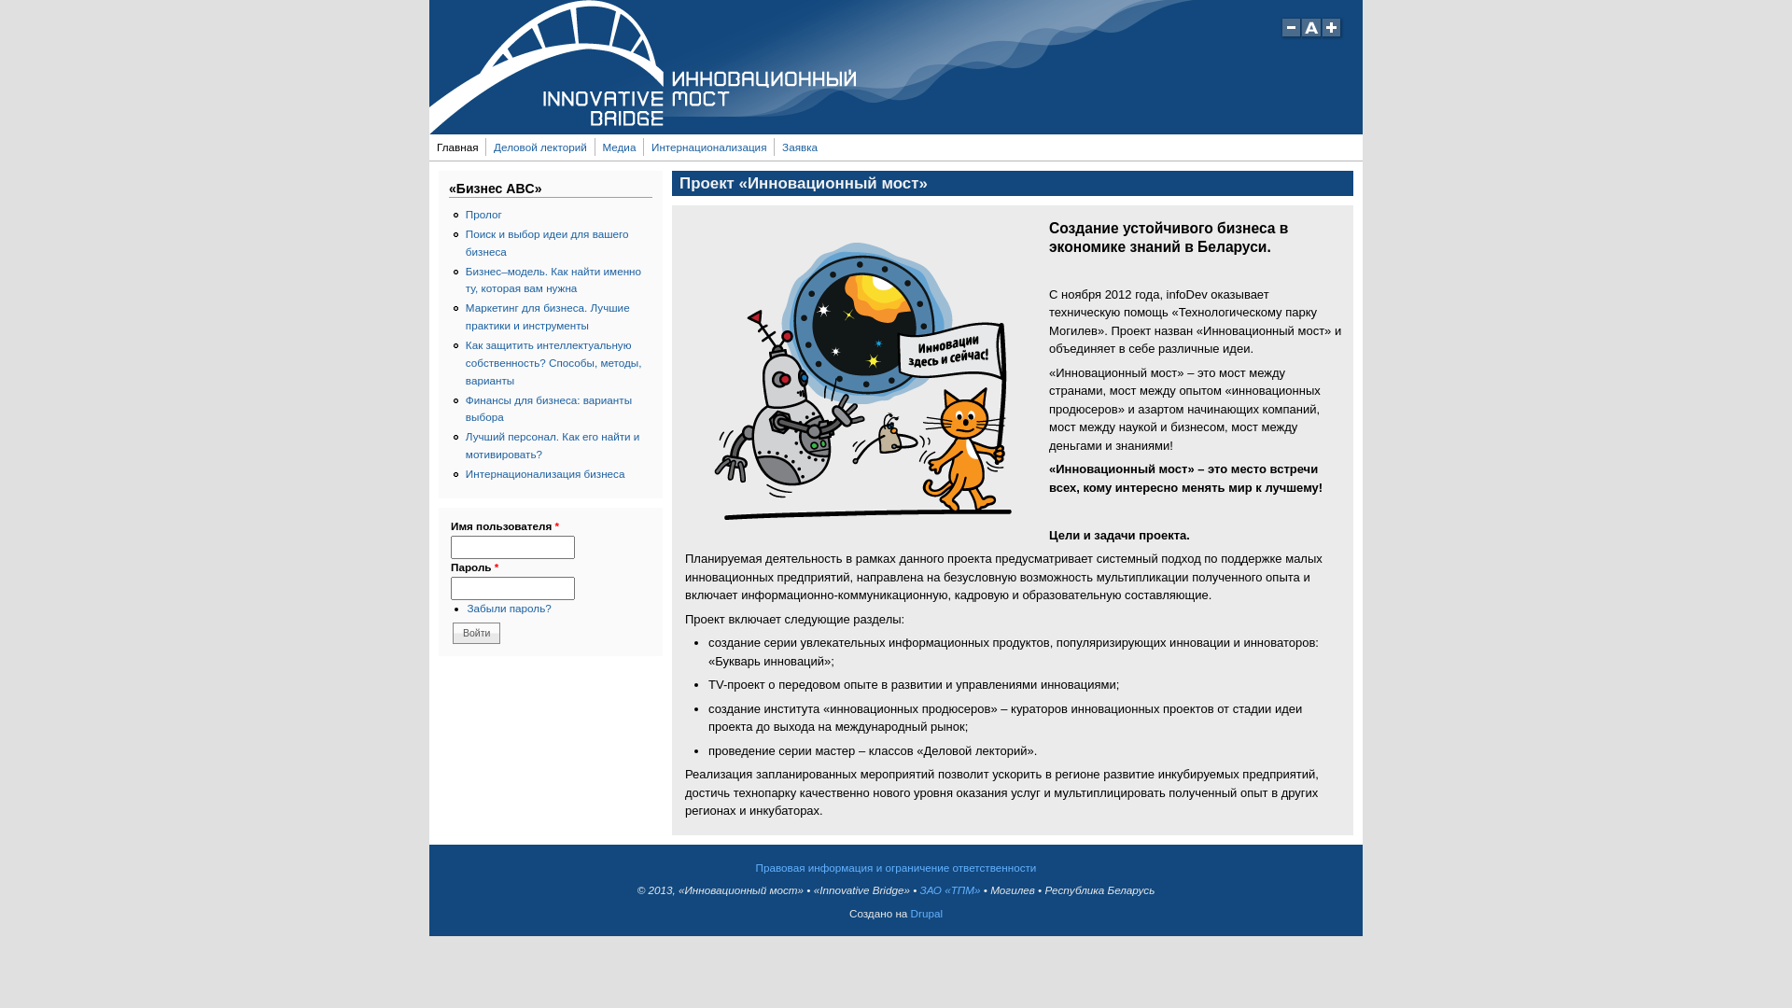 This screenshot has height=1008, width=1792. I want to click on 'Decrease text size', so click(1289, 35).